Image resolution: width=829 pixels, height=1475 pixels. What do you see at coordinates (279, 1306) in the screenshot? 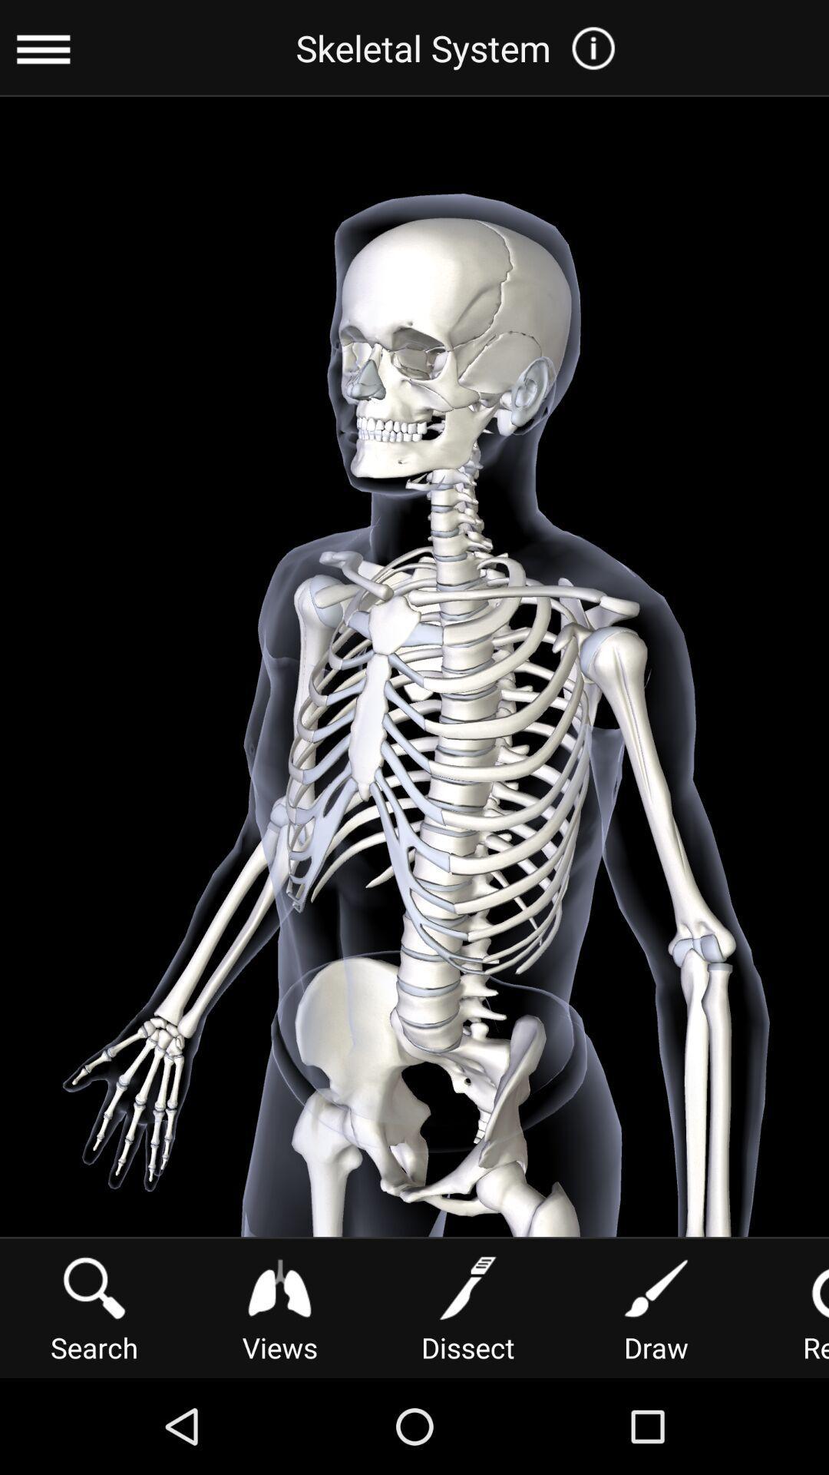
I see `views icon` at bounding box center [279, 1306].